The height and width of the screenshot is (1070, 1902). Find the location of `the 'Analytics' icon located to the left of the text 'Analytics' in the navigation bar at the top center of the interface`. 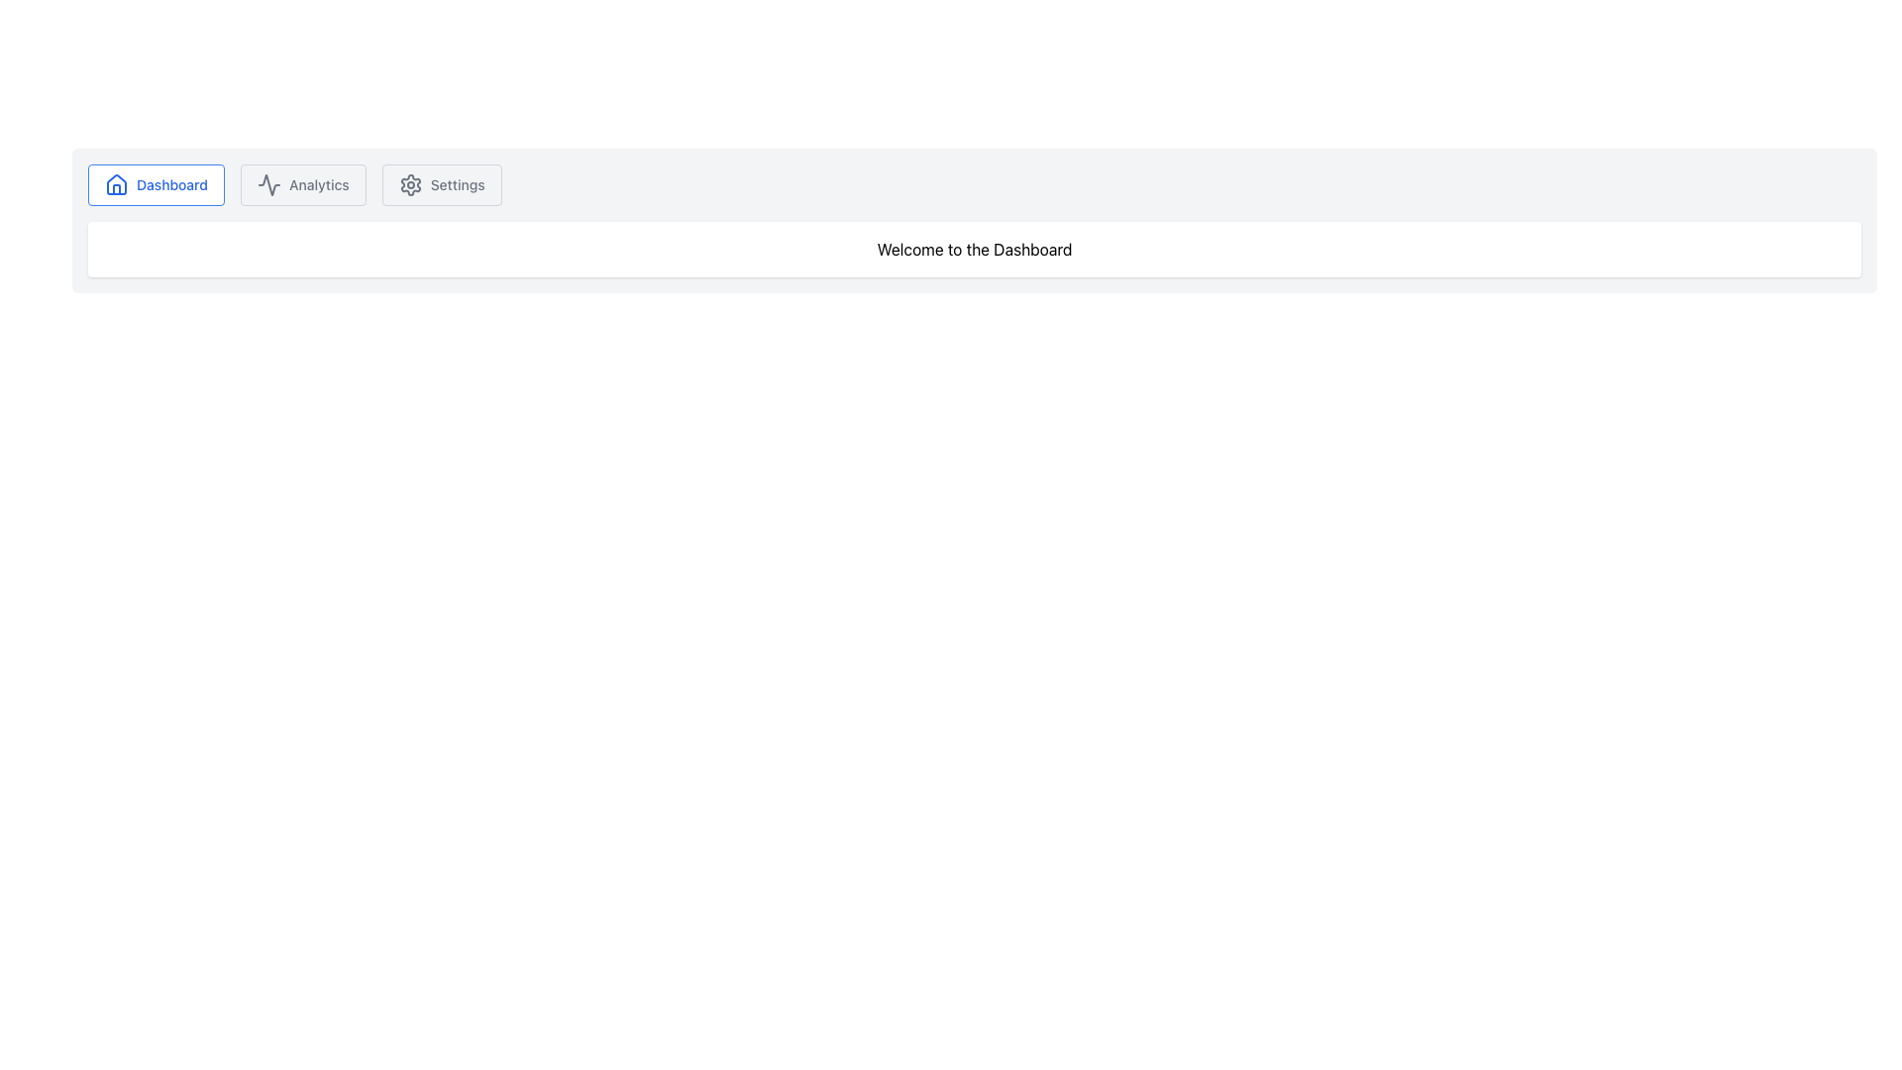

the 'Analytics' icon located to the left of the text 'Analytics' in the navigation bar at the top center of the interface is located at coordinates (268, 184).